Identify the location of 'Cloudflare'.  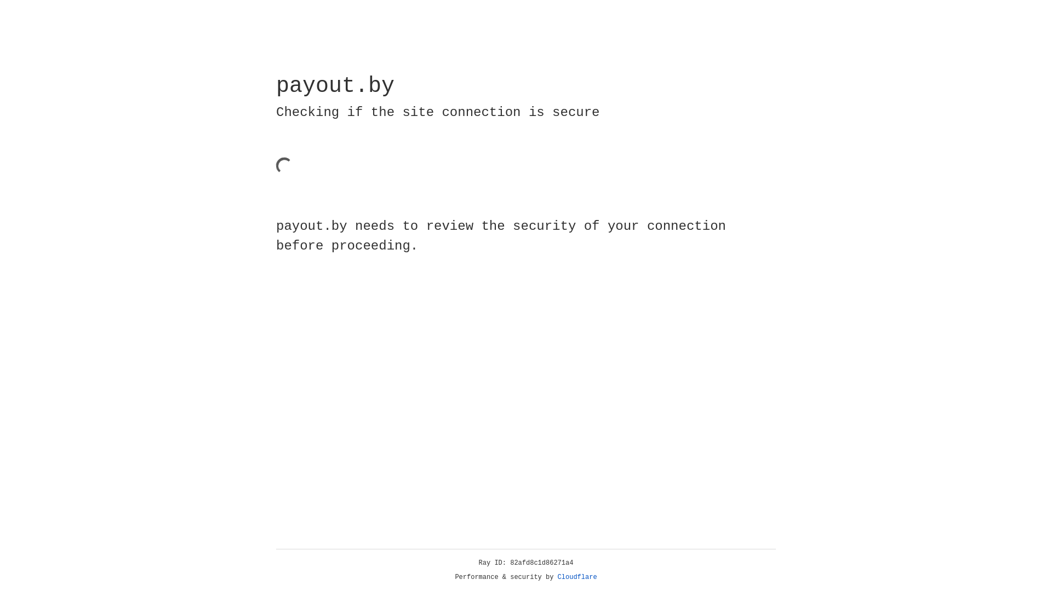
(557, 577).